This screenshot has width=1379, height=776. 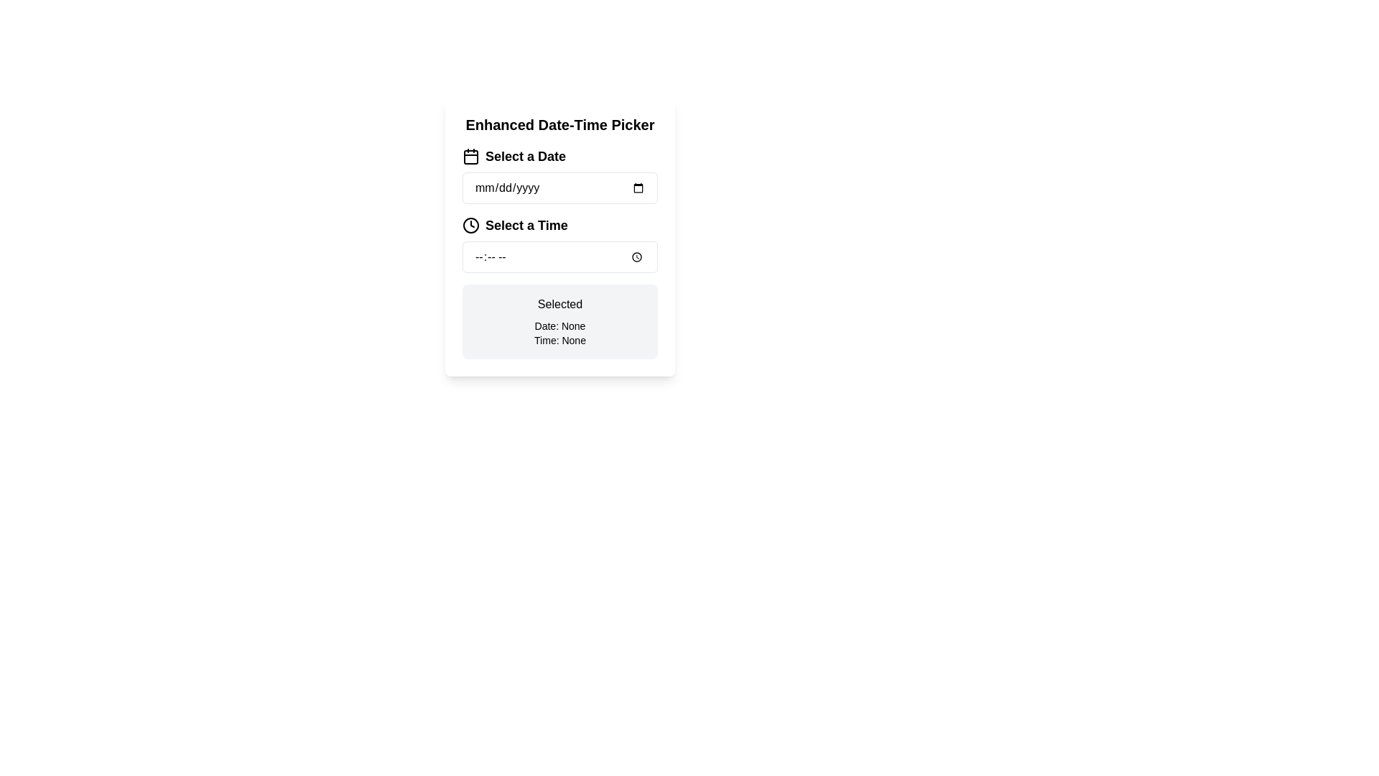 What do you see at coordinates (559, 341) in the screenshot?
I see `the informational label indicating the current state of the 'Time' selection, which currently shows 'none'` at bounding box center [559, 341].